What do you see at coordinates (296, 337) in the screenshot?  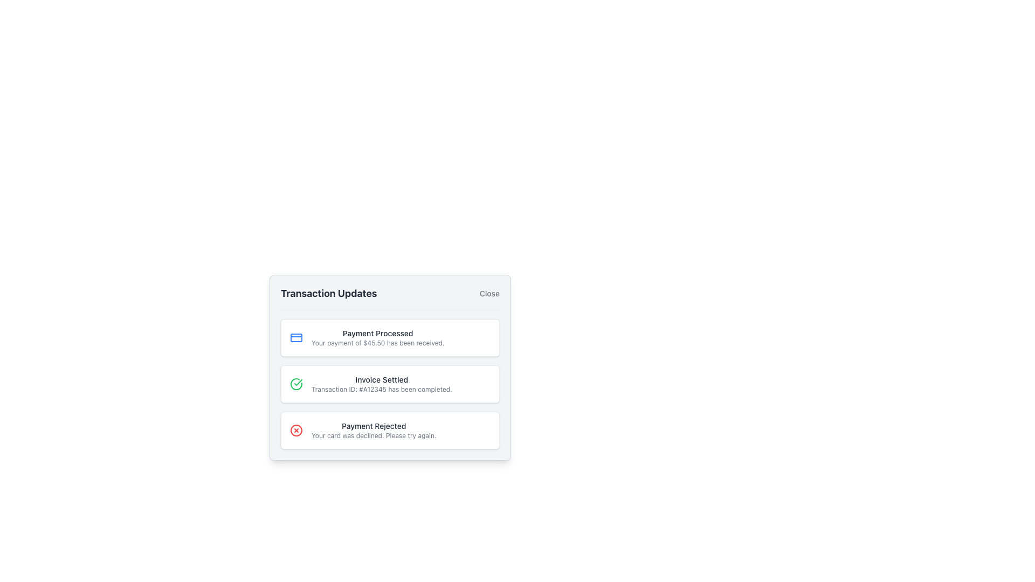 I see `the credit card SVG icon with a blue outline, located to the left of the 'Payment Processed' text in the 'Transaction Updates' panel` at bounding box center [296, 337].